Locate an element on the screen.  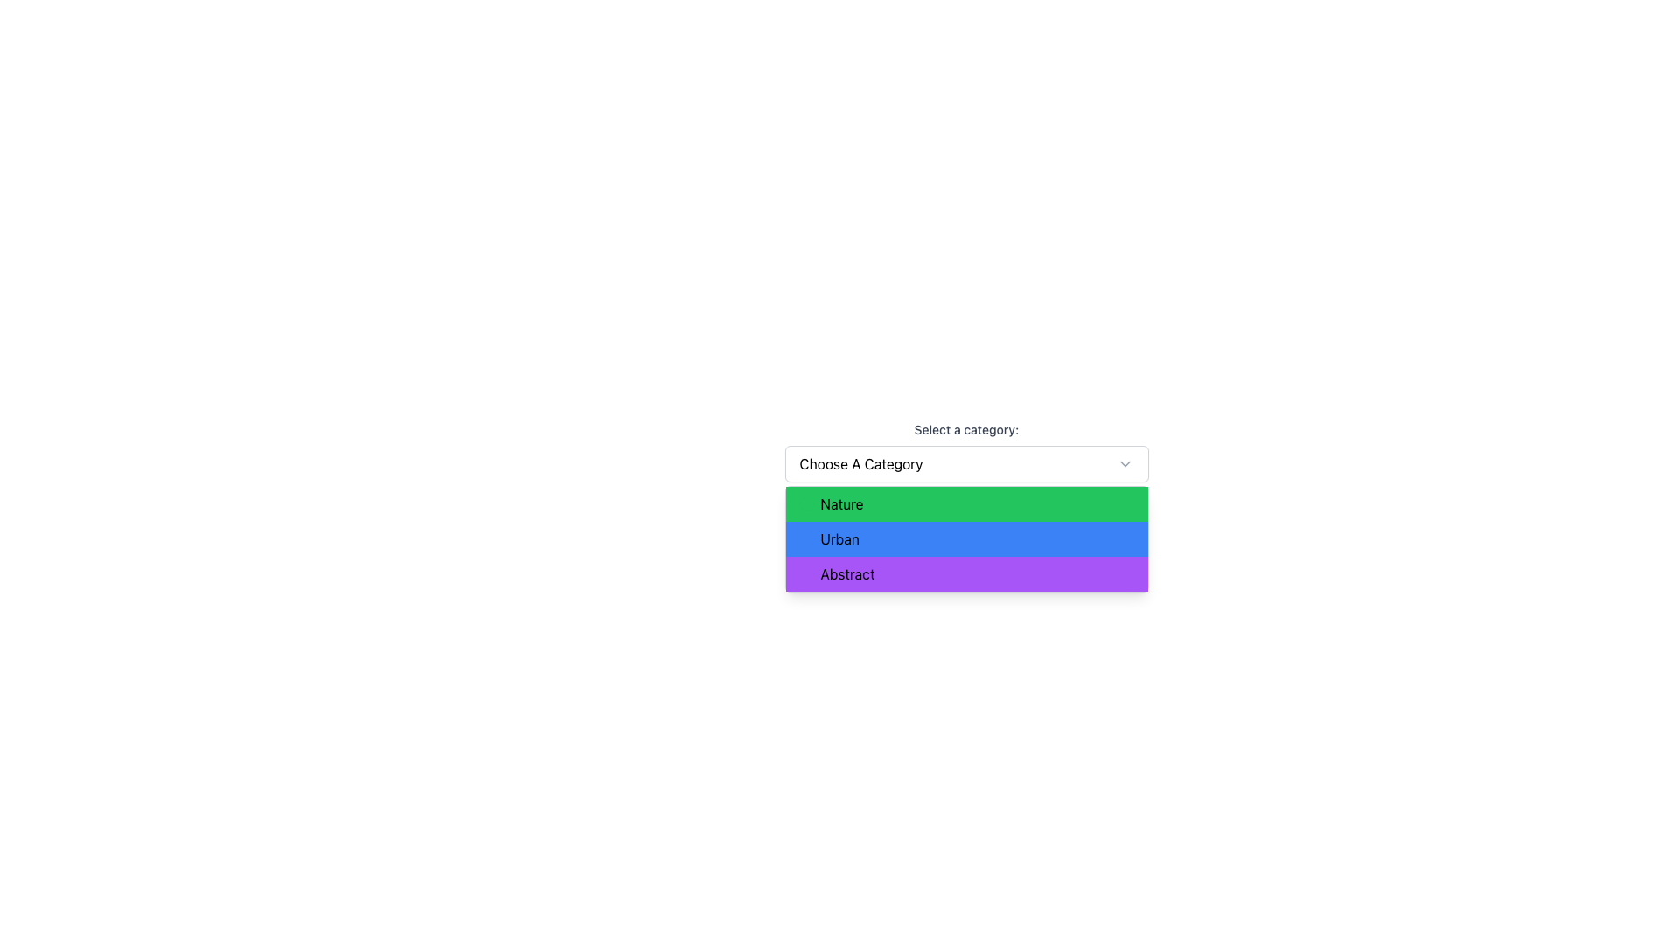
the chevron icon located on the right side of the dropdown field within the 'Choose a category' section to focus and navigate through options is located at coordinates (1125, 463).